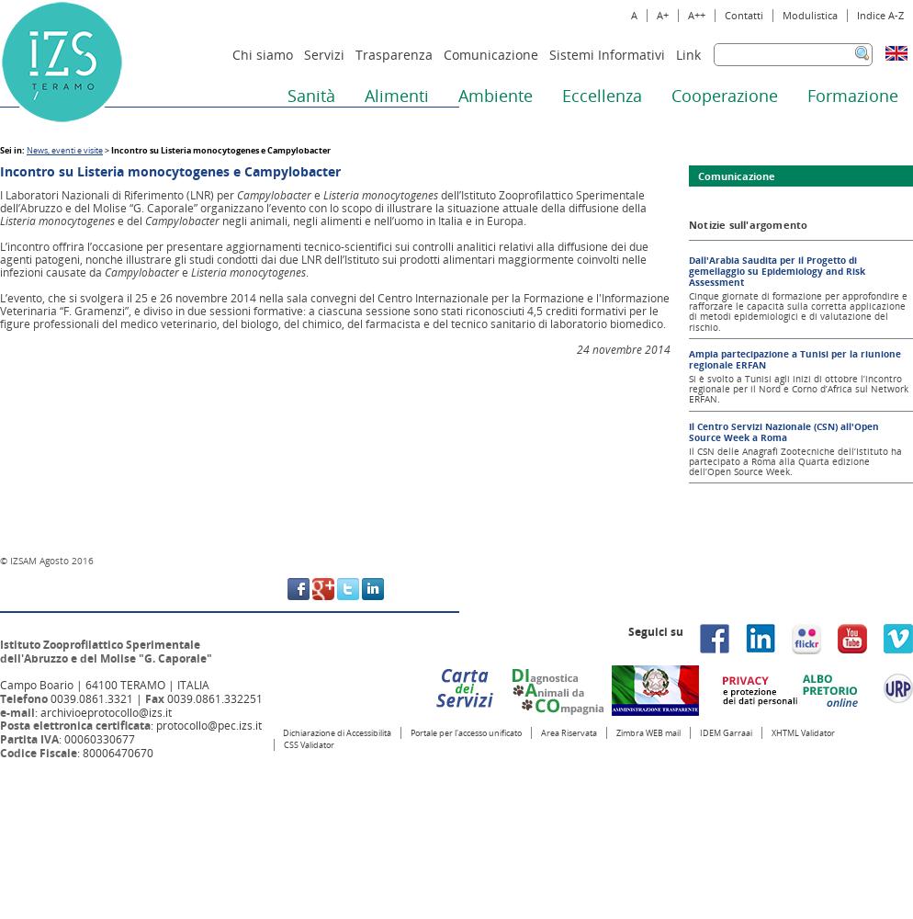 The width and height of the screenshot is (913, 919). What do you see at coordinates (228, 897) in the screenshot?
I see `'Utilizzo dei cookie'` at bounding box center [228, 897].